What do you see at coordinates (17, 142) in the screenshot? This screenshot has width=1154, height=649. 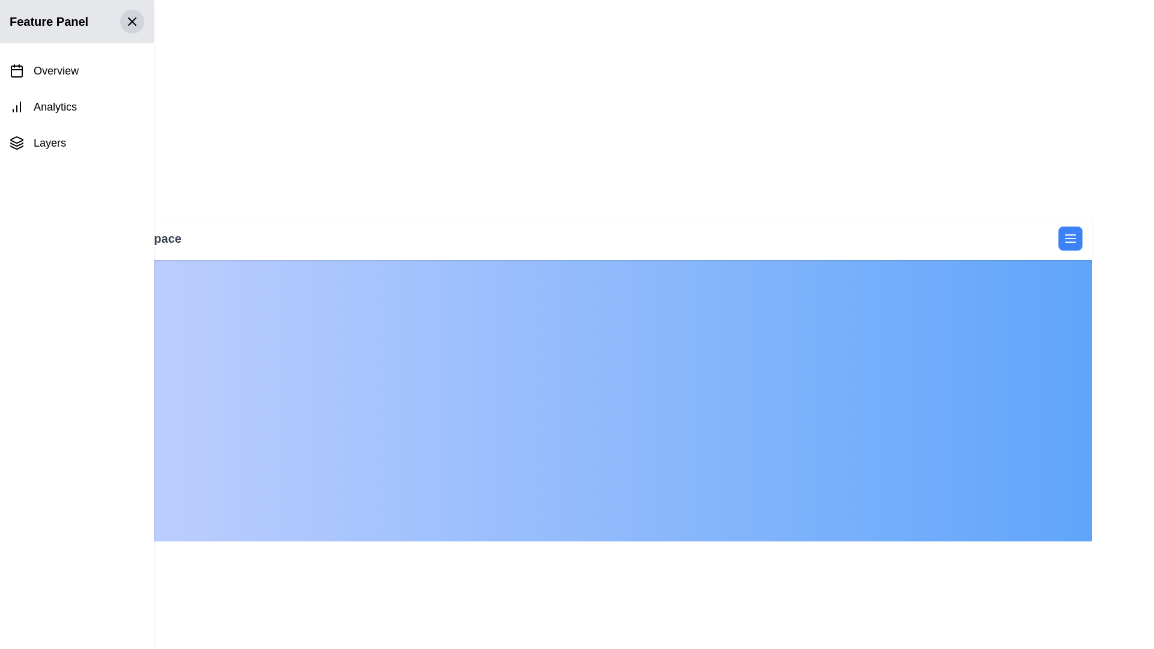 I see `the icon representing a stack of layers, which is located to the left of the text 'Layers' in the navigation menu` at bounding box center [17, 142].